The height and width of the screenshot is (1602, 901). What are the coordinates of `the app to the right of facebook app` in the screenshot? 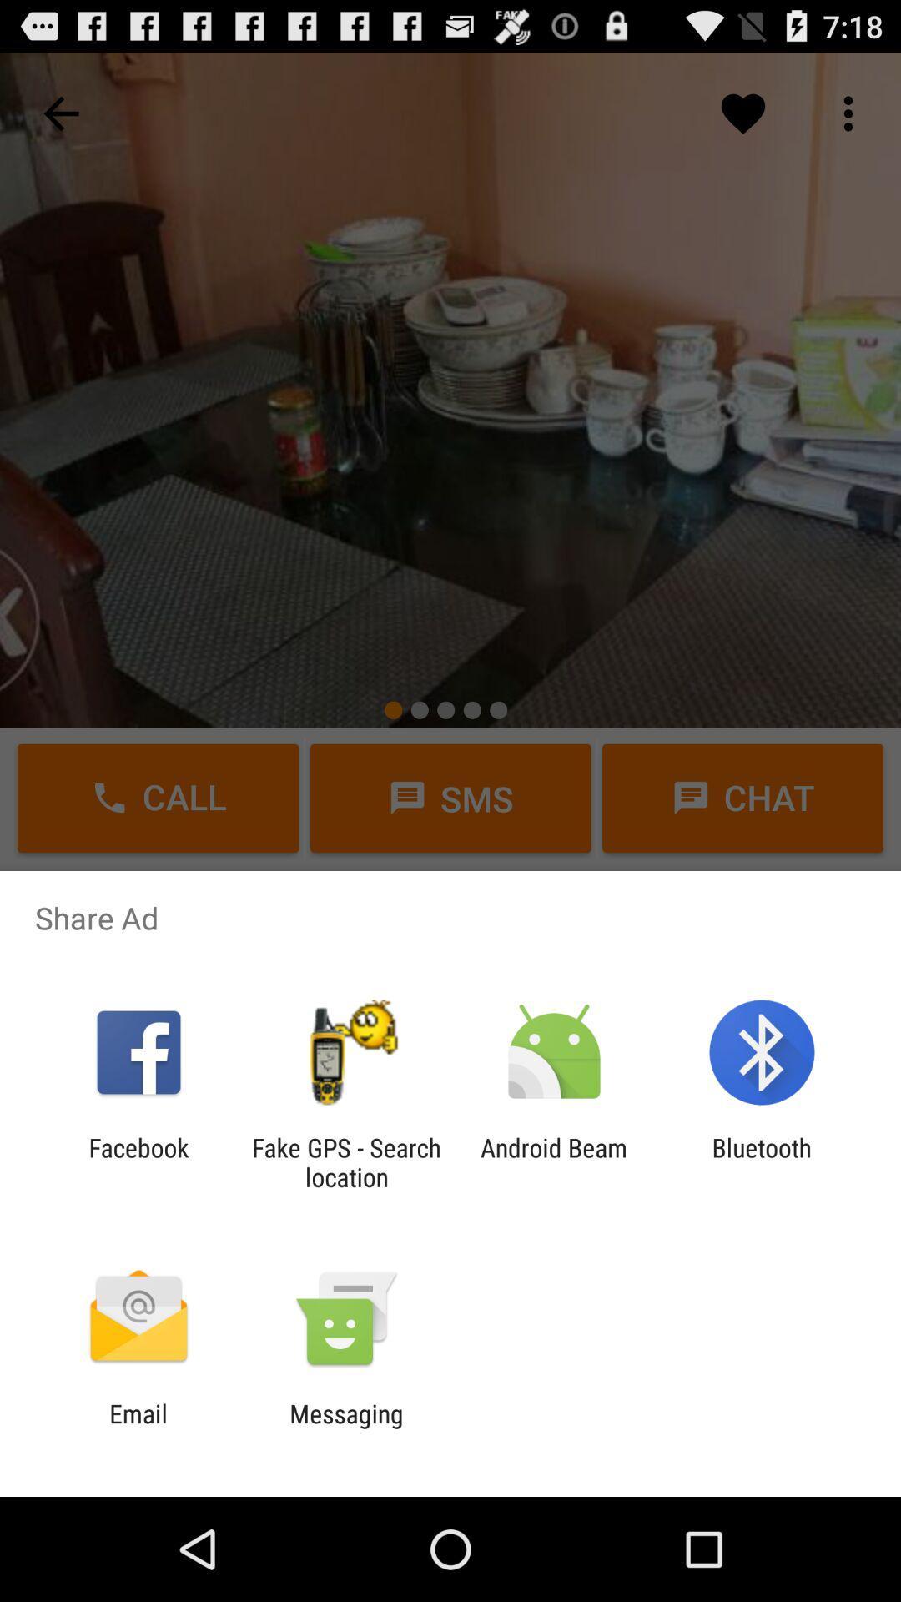 It's located at (345, 1161).